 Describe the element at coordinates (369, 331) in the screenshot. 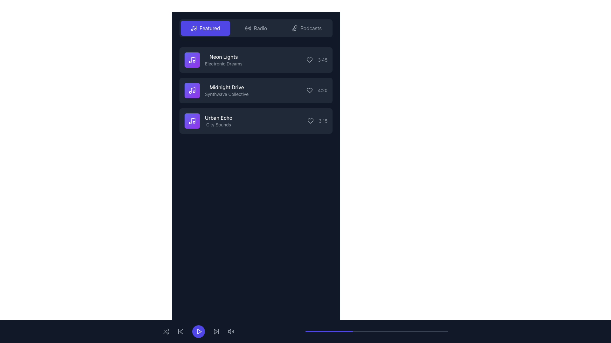

I see `progress` at that location.